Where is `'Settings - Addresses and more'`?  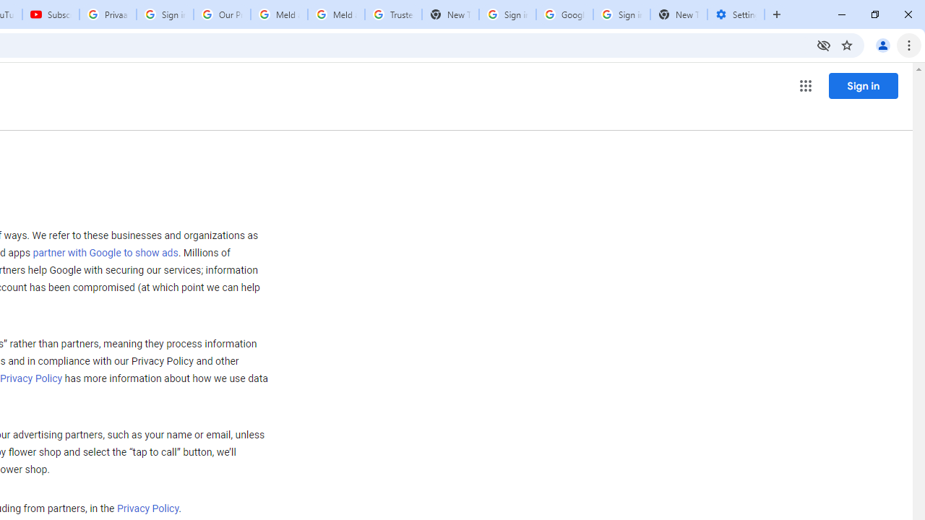 'Settings - Addresses and more' is located at coordinates (736, 14).